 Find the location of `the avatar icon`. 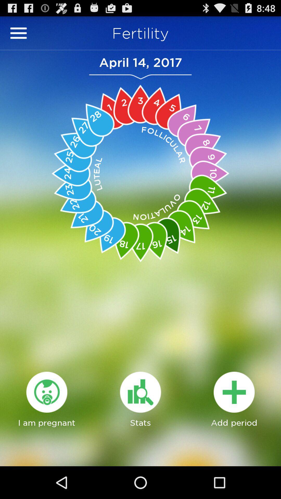

the avatar icon is located at coordinates (140, 419).